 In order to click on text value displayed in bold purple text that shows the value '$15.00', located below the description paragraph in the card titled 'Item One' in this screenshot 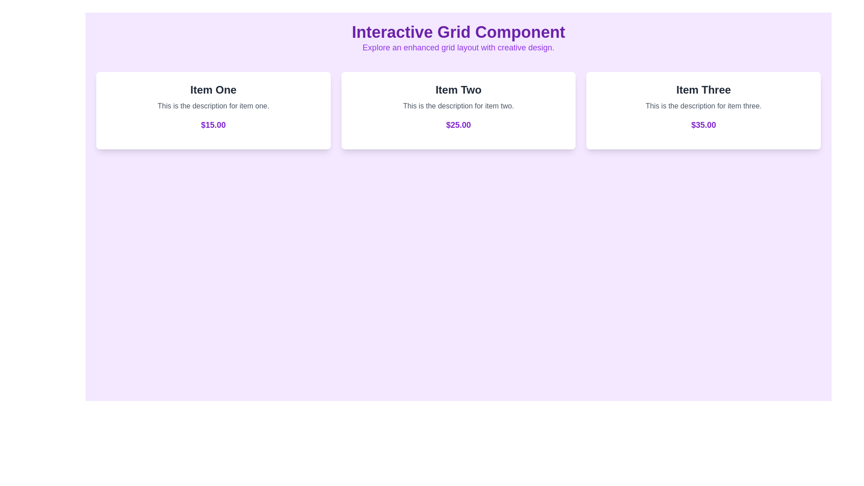, I will do `click(213, 125)`.